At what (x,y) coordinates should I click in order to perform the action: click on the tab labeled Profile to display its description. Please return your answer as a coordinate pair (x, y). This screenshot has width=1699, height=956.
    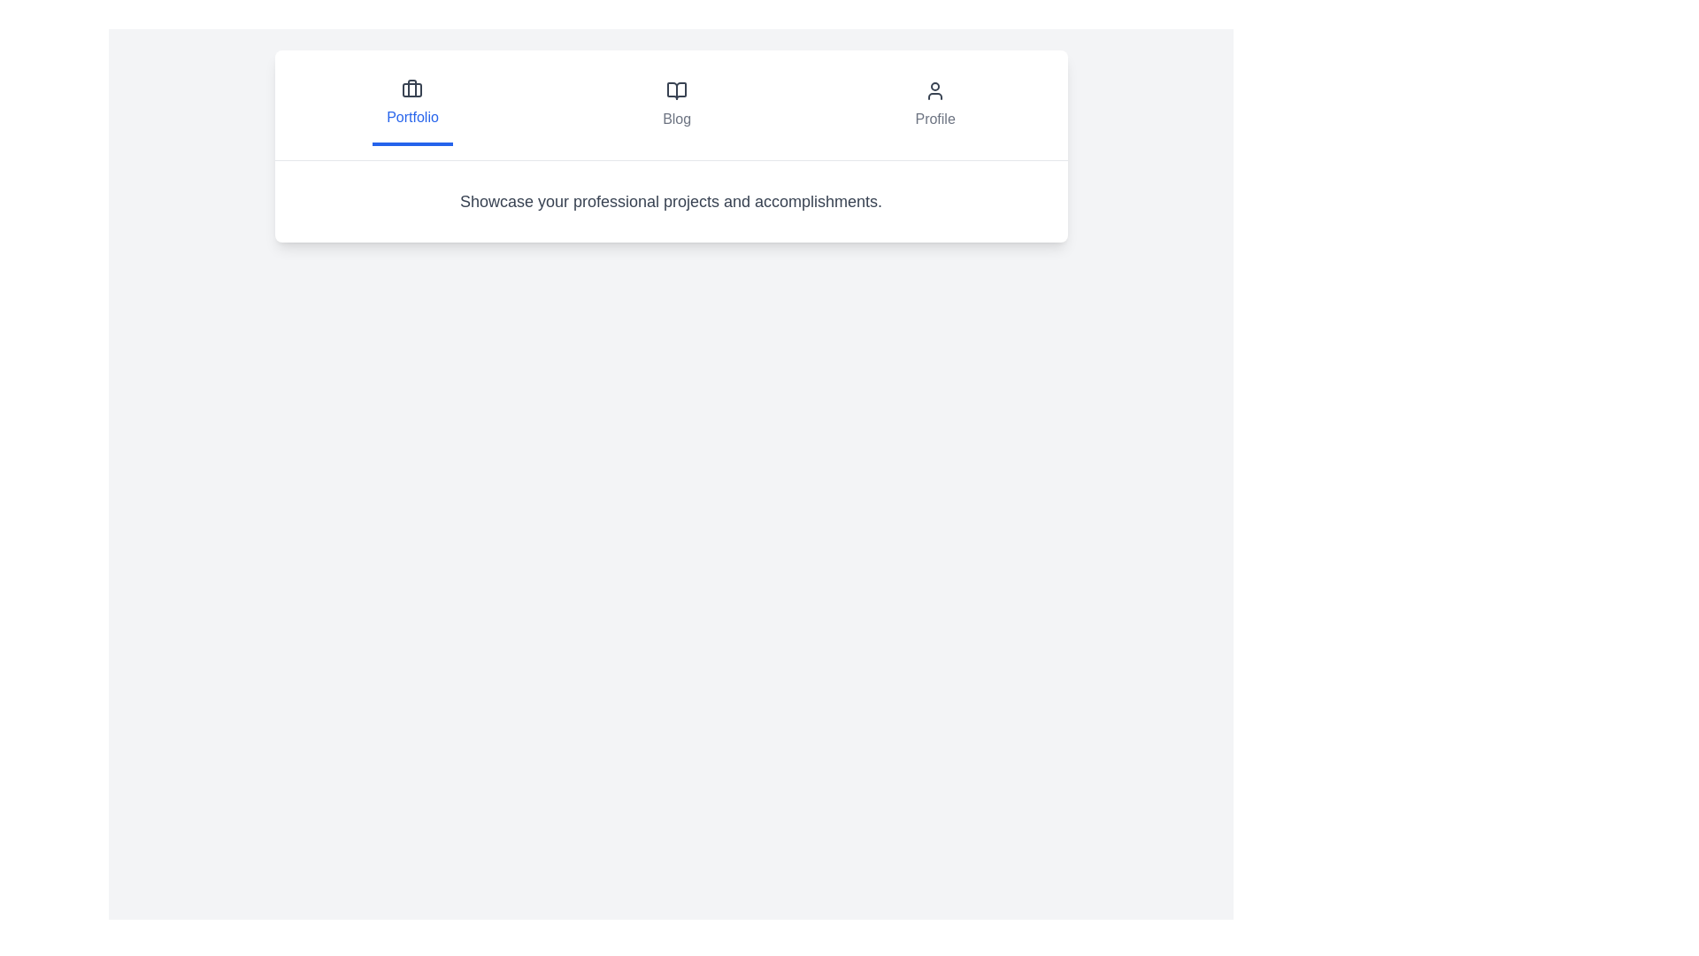
    Looking at the image, I should click on (934, 105).